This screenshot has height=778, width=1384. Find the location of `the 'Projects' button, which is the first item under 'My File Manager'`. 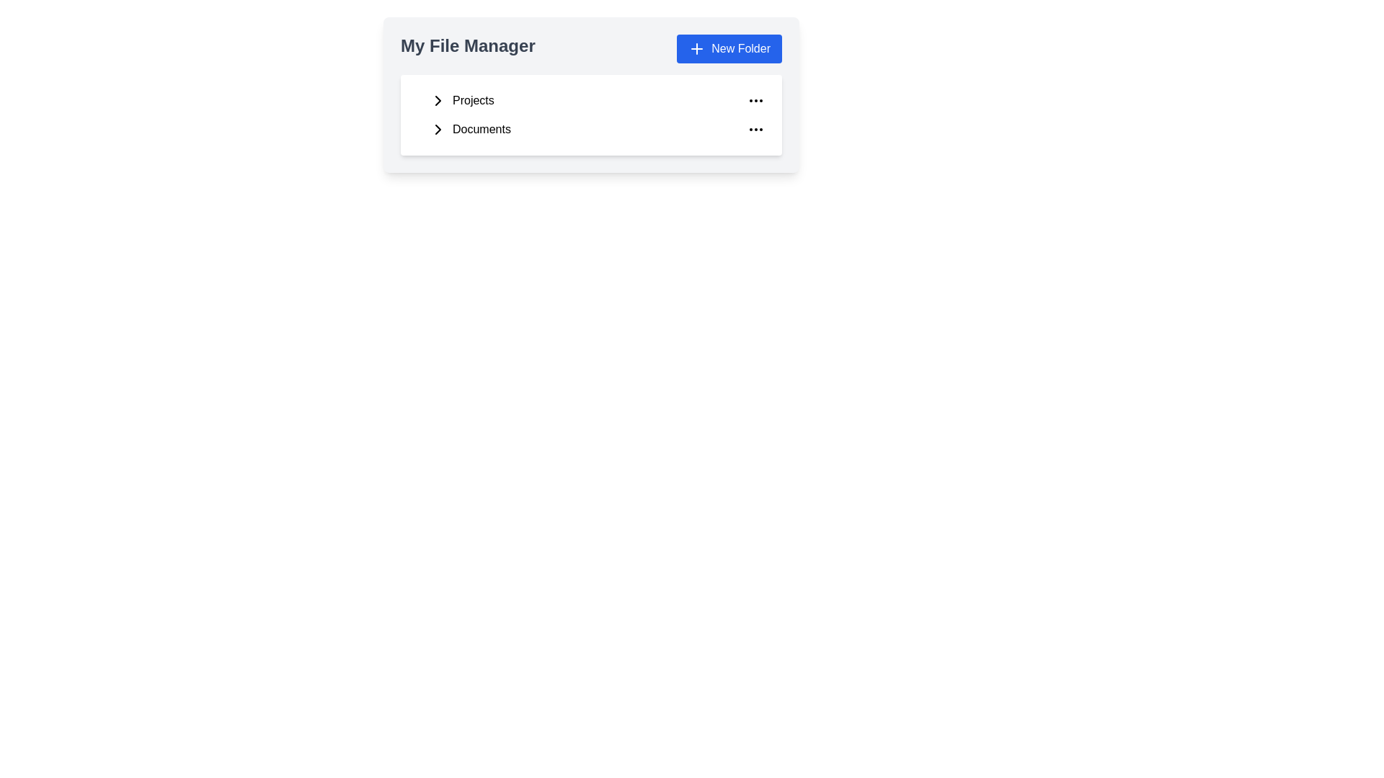

the 'Projects' button, which is the first item under 'My File Manager' is located at coordinates (597, 99).